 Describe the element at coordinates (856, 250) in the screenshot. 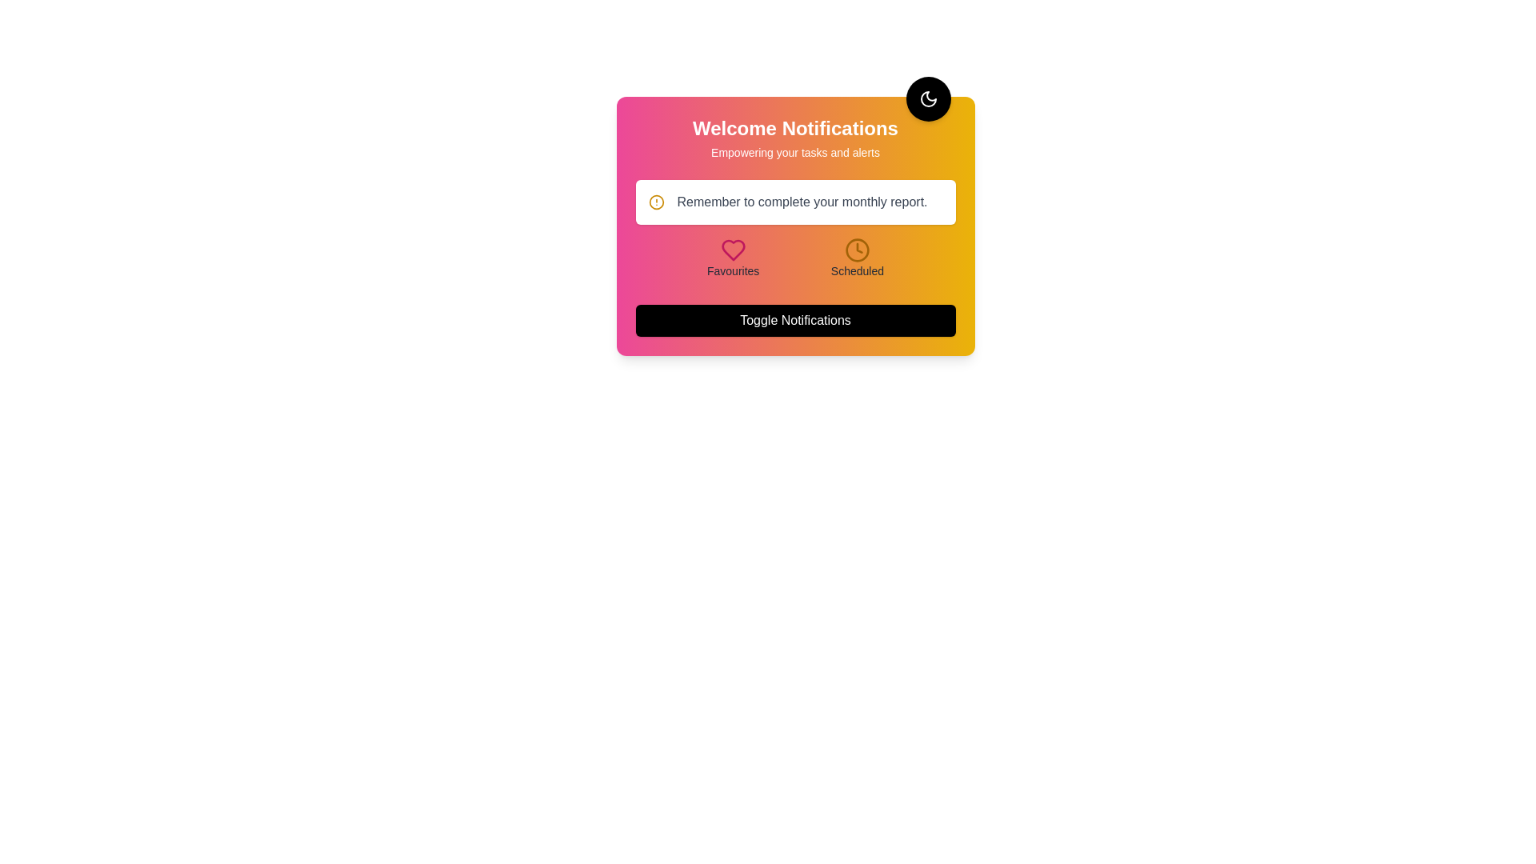

I see `the outer circular boundary of the clock icon located on the right side of the 'Scheduled' label in the notification card` at that location.